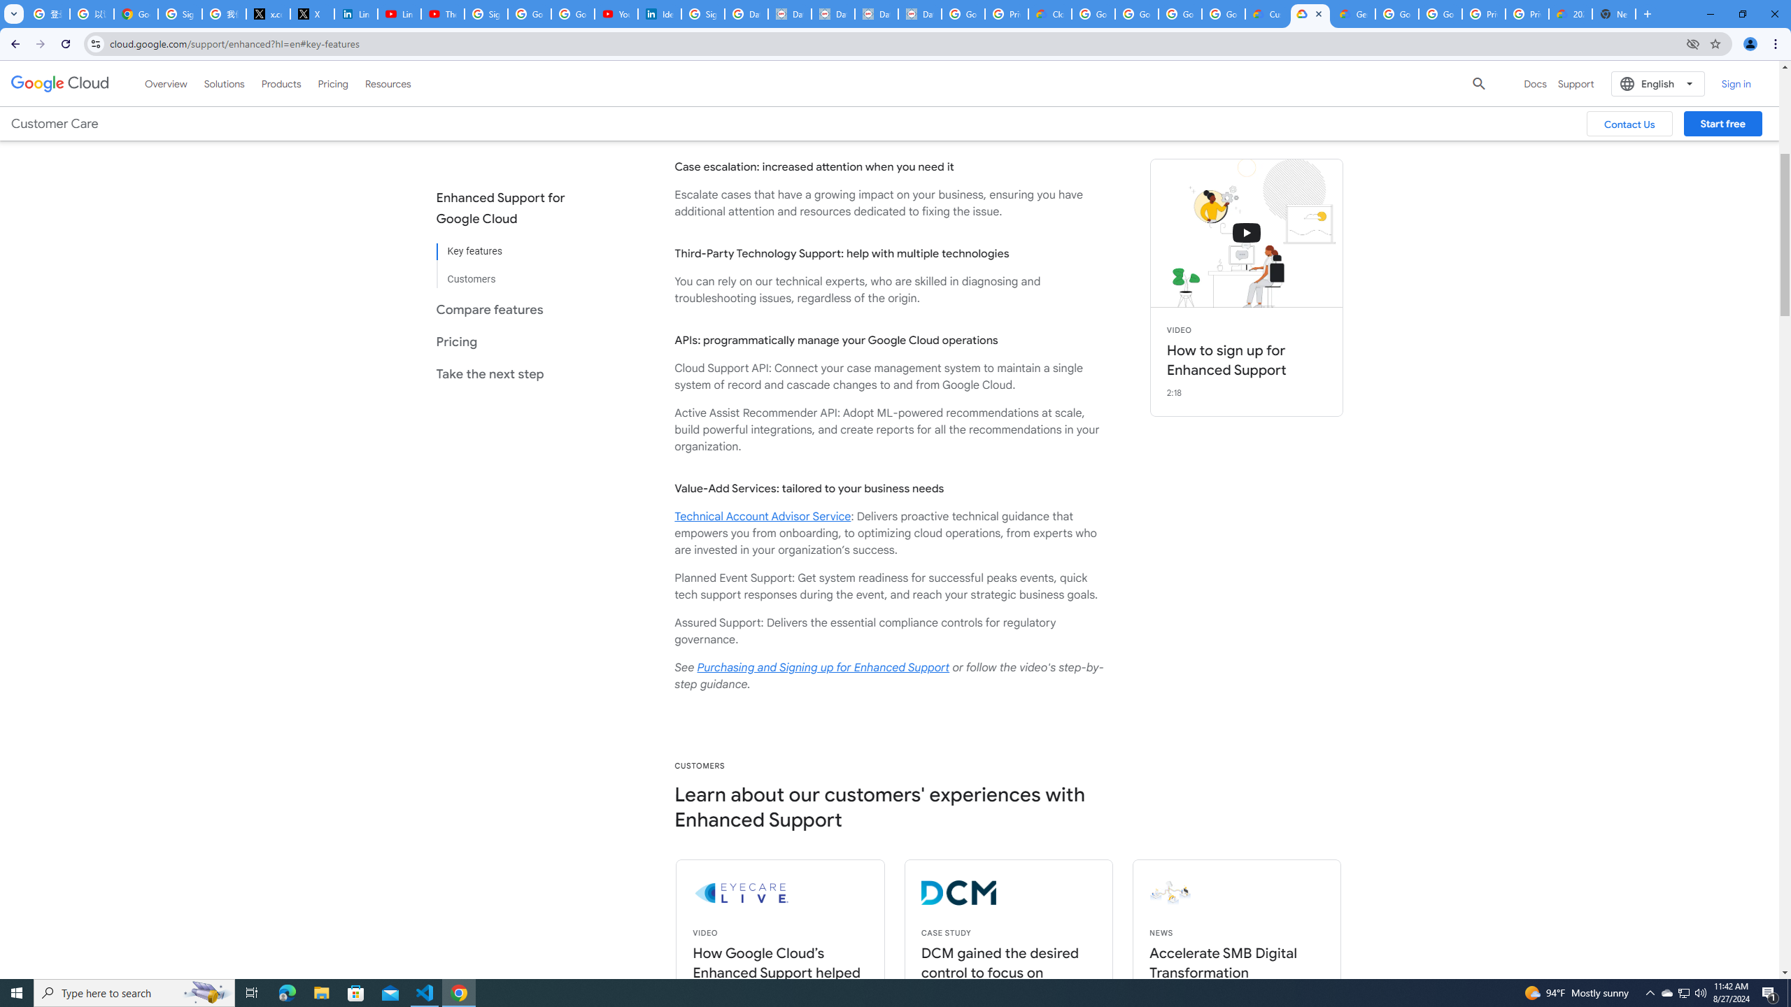 The image size is (1791, 1007). I want to click on 'Take the next step', so click(511, 373).